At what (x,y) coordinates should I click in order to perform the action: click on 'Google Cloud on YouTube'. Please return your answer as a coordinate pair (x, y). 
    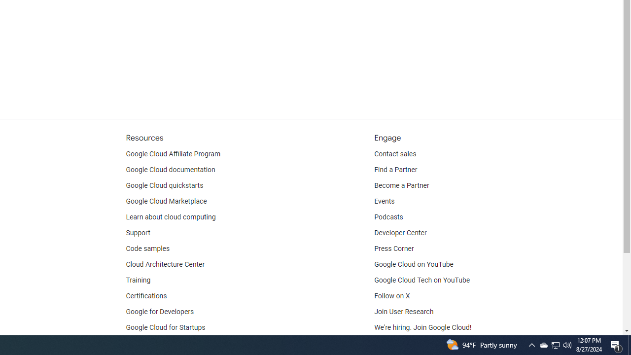
    Looking at the image, I should click on (414, 264).